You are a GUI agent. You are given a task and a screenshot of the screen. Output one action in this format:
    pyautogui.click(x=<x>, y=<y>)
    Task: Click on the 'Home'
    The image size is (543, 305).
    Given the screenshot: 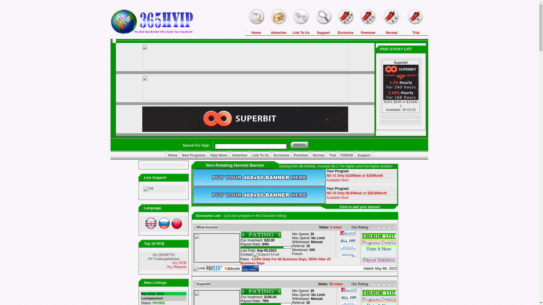 What is the action you would take?
    pyautogui.click(x=172, y=155)
    